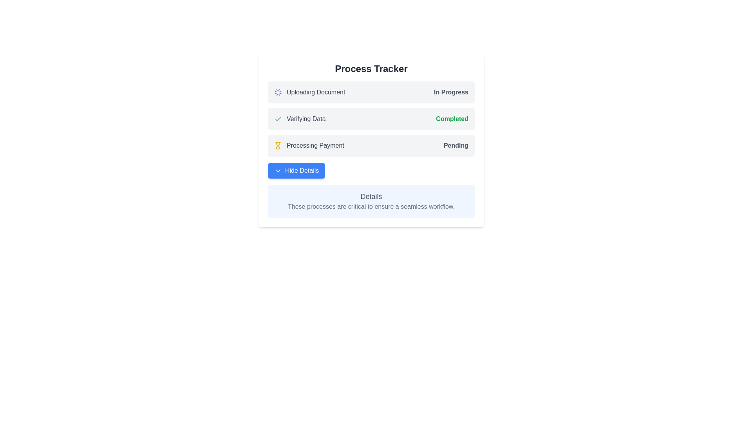  I want to click on the informational text label indicating that the payment process is currently in progress, located in the 'Process Tracker' section, between 'Verifying Data' and 'Pending', so click(309, 145).